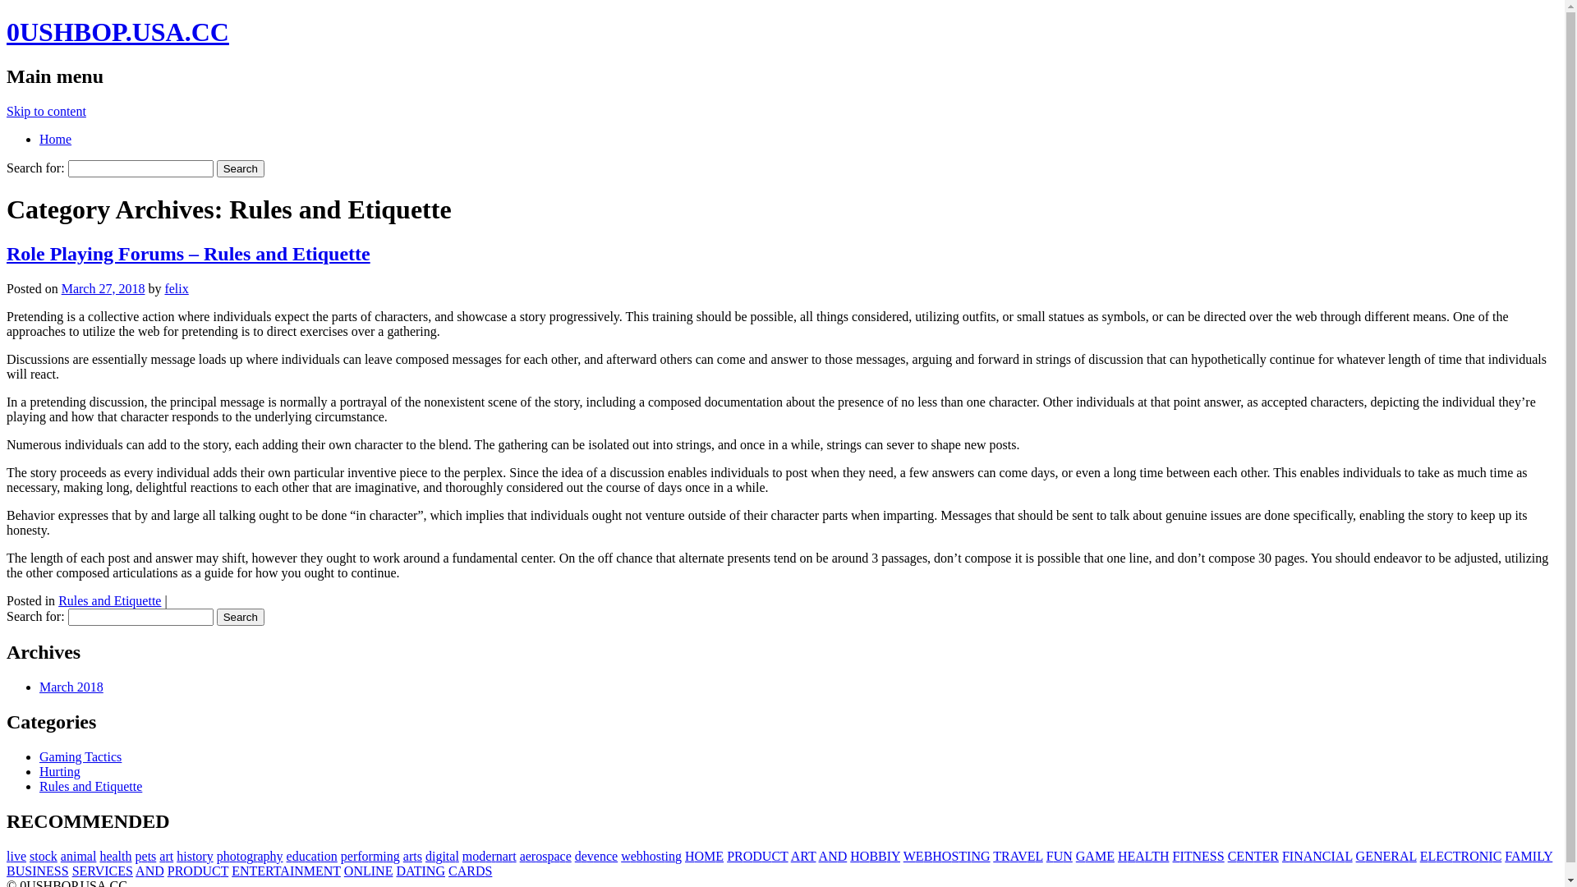 The height and width of the screenshot is (887, 1577). Describe the element at coordinates (819, 855) in the screenshot. I see `'A'` at that location.